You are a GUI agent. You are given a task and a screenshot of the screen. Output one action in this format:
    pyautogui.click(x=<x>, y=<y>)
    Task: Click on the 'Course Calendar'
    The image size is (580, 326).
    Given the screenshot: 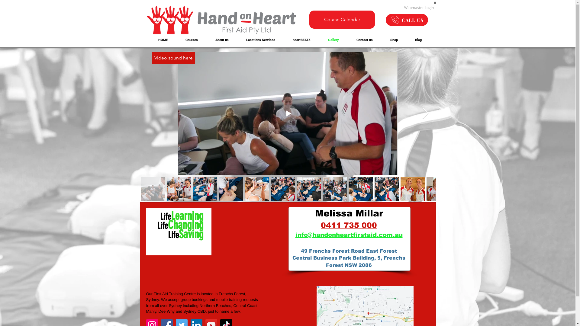 What is the action you would take?
    pyautogui.click(x=342, y=19)
    